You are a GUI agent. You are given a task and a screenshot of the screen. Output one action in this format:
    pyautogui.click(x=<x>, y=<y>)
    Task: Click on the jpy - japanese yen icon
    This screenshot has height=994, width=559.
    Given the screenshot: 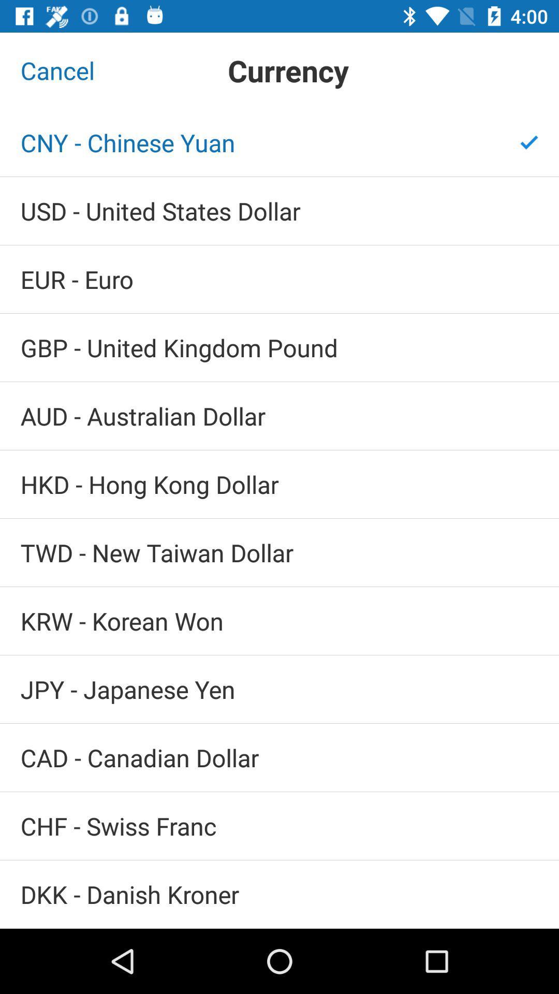 What is the action you would take?
    pyautogui.click(x=279, y=689)
    